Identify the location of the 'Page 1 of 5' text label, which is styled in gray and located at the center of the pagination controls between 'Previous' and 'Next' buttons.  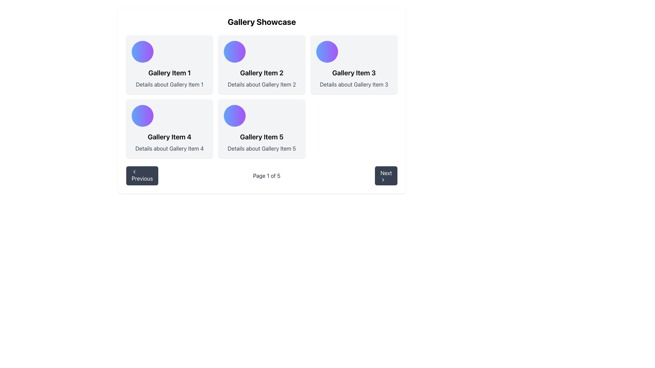
(266, 175).